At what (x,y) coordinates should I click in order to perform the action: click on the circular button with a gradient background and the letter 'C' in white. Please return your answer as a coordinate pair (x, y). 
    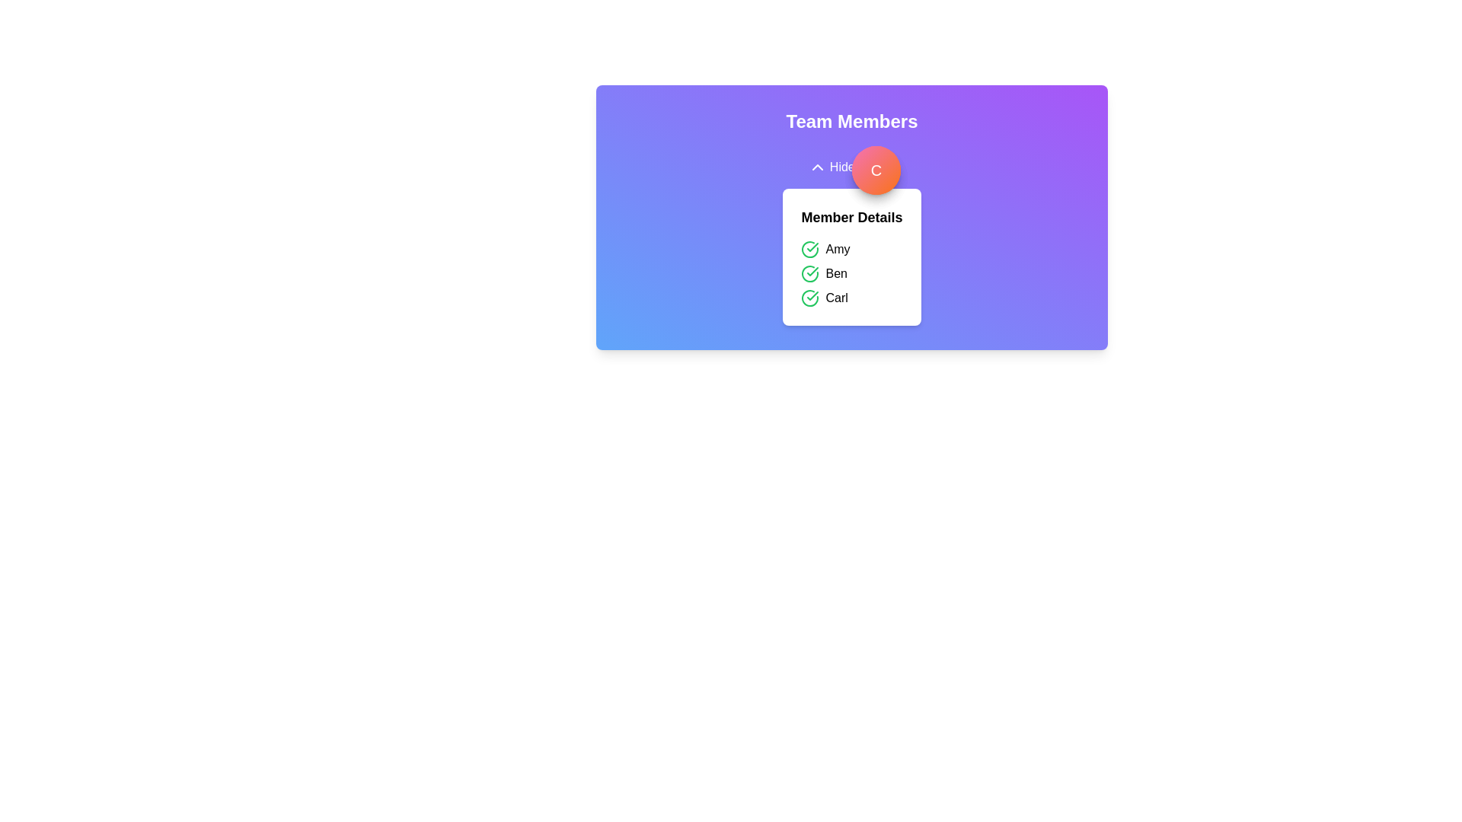
    Looking at the image, I should click on (876, 170).